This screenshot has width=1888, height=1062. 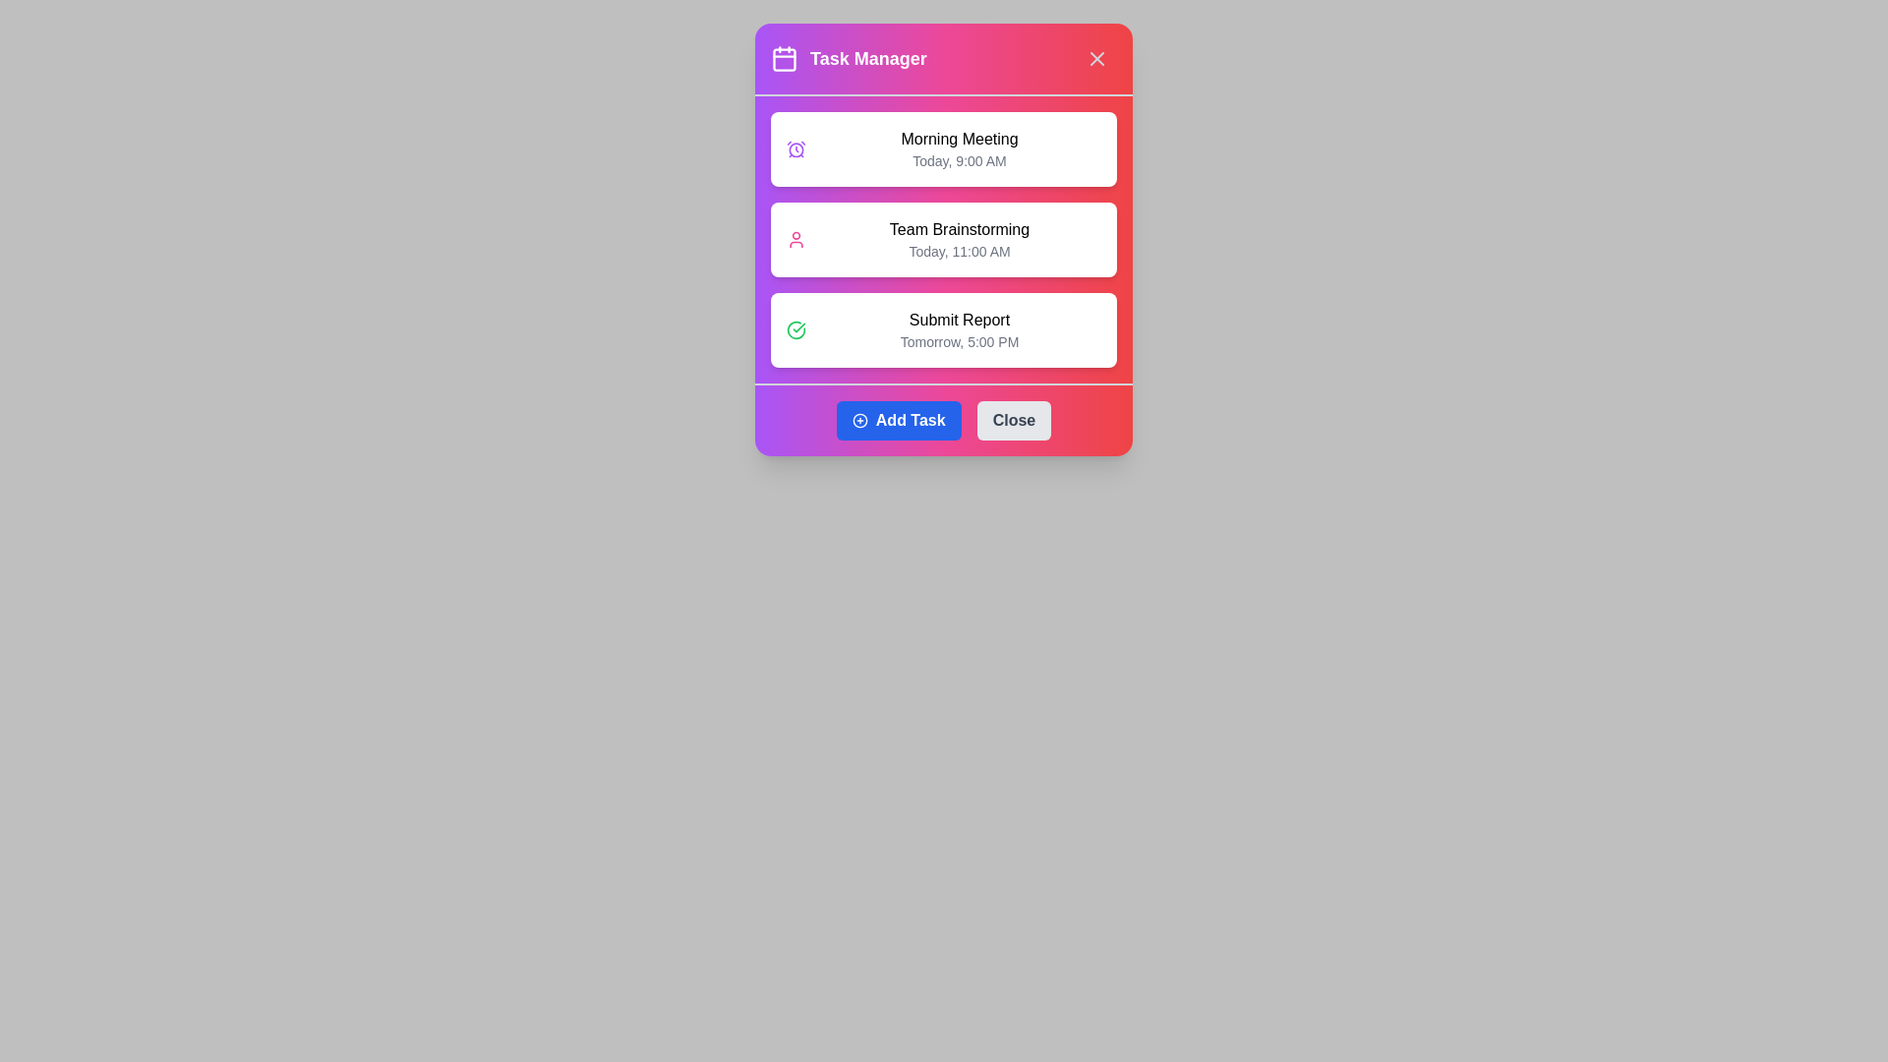 I want to click on the third task card in the 'Task Manager' modal, so click(x=959, y=328).